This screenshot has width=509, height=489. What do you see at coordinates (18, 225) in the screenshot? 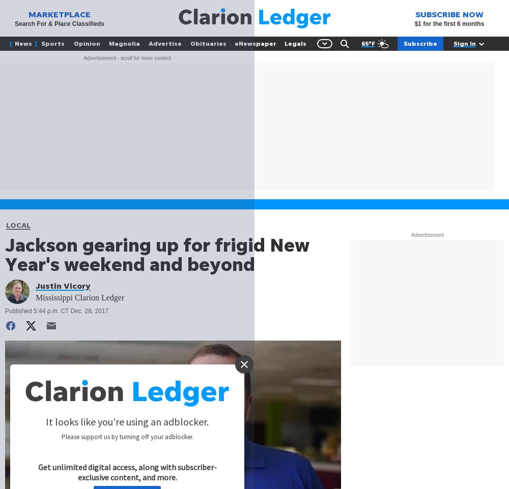
I see `'LOCAL'` at bounding box center [18, 225].